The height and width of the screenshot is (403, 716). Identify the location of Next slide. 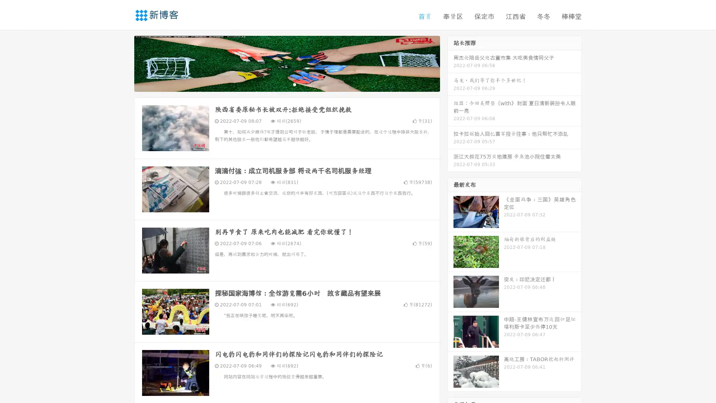
(450, 63).